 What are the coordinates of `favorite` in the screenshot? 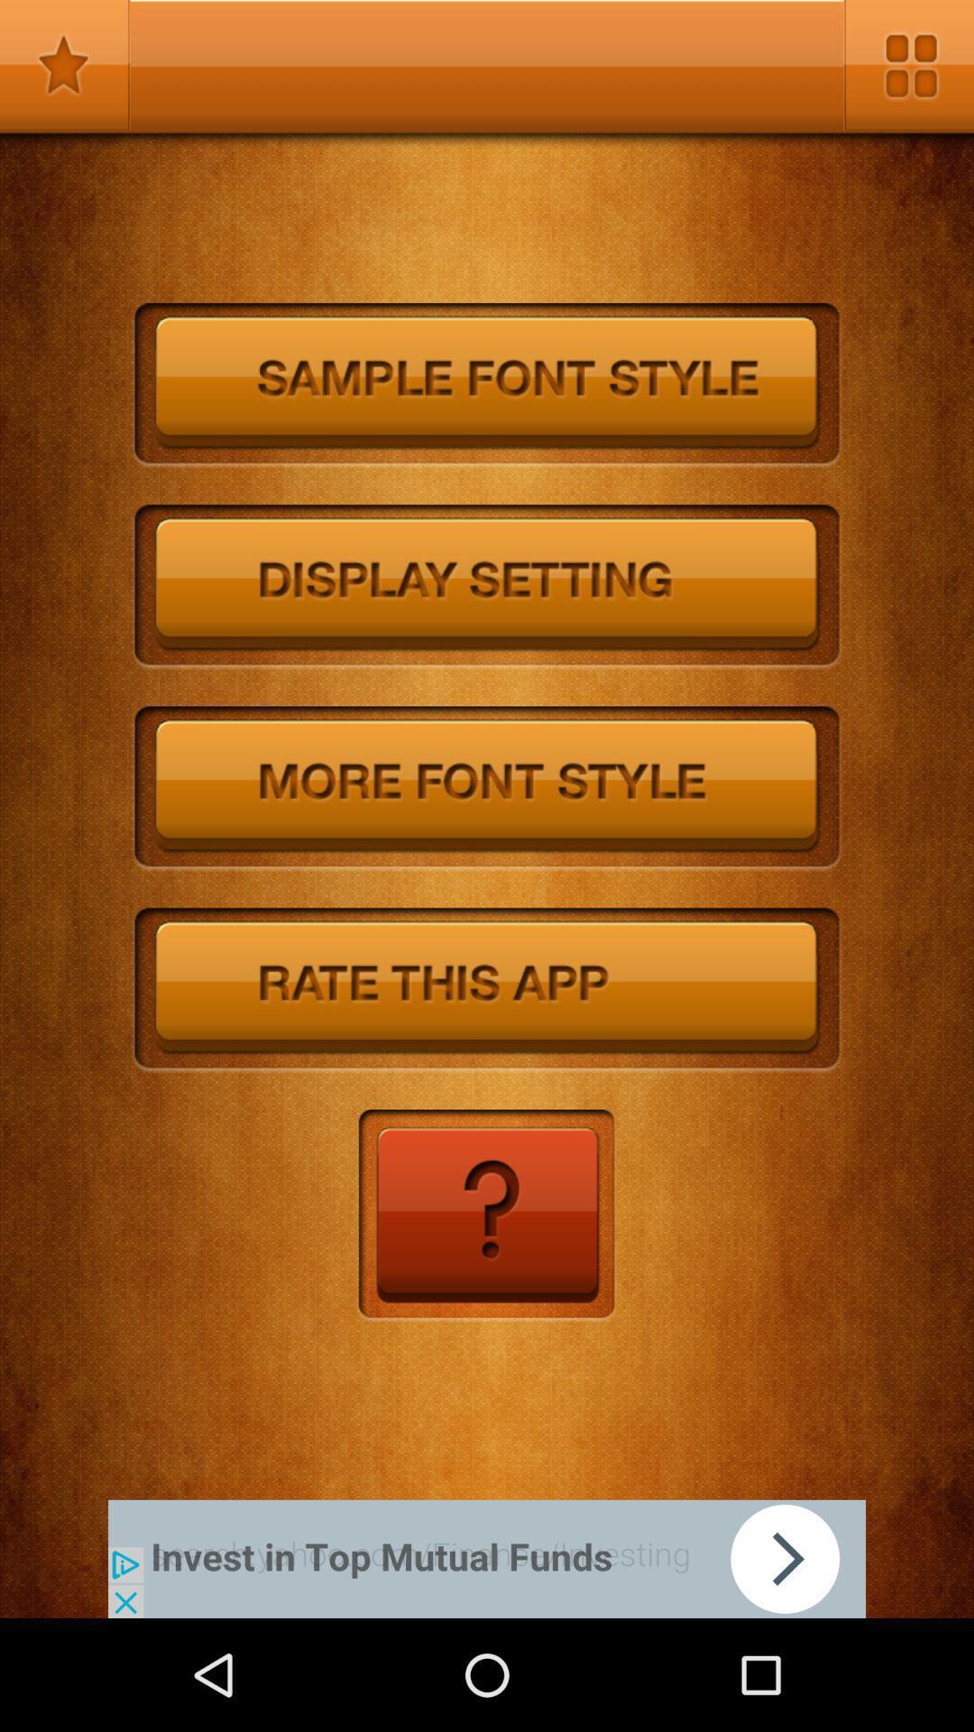 It's located at (64, 65).